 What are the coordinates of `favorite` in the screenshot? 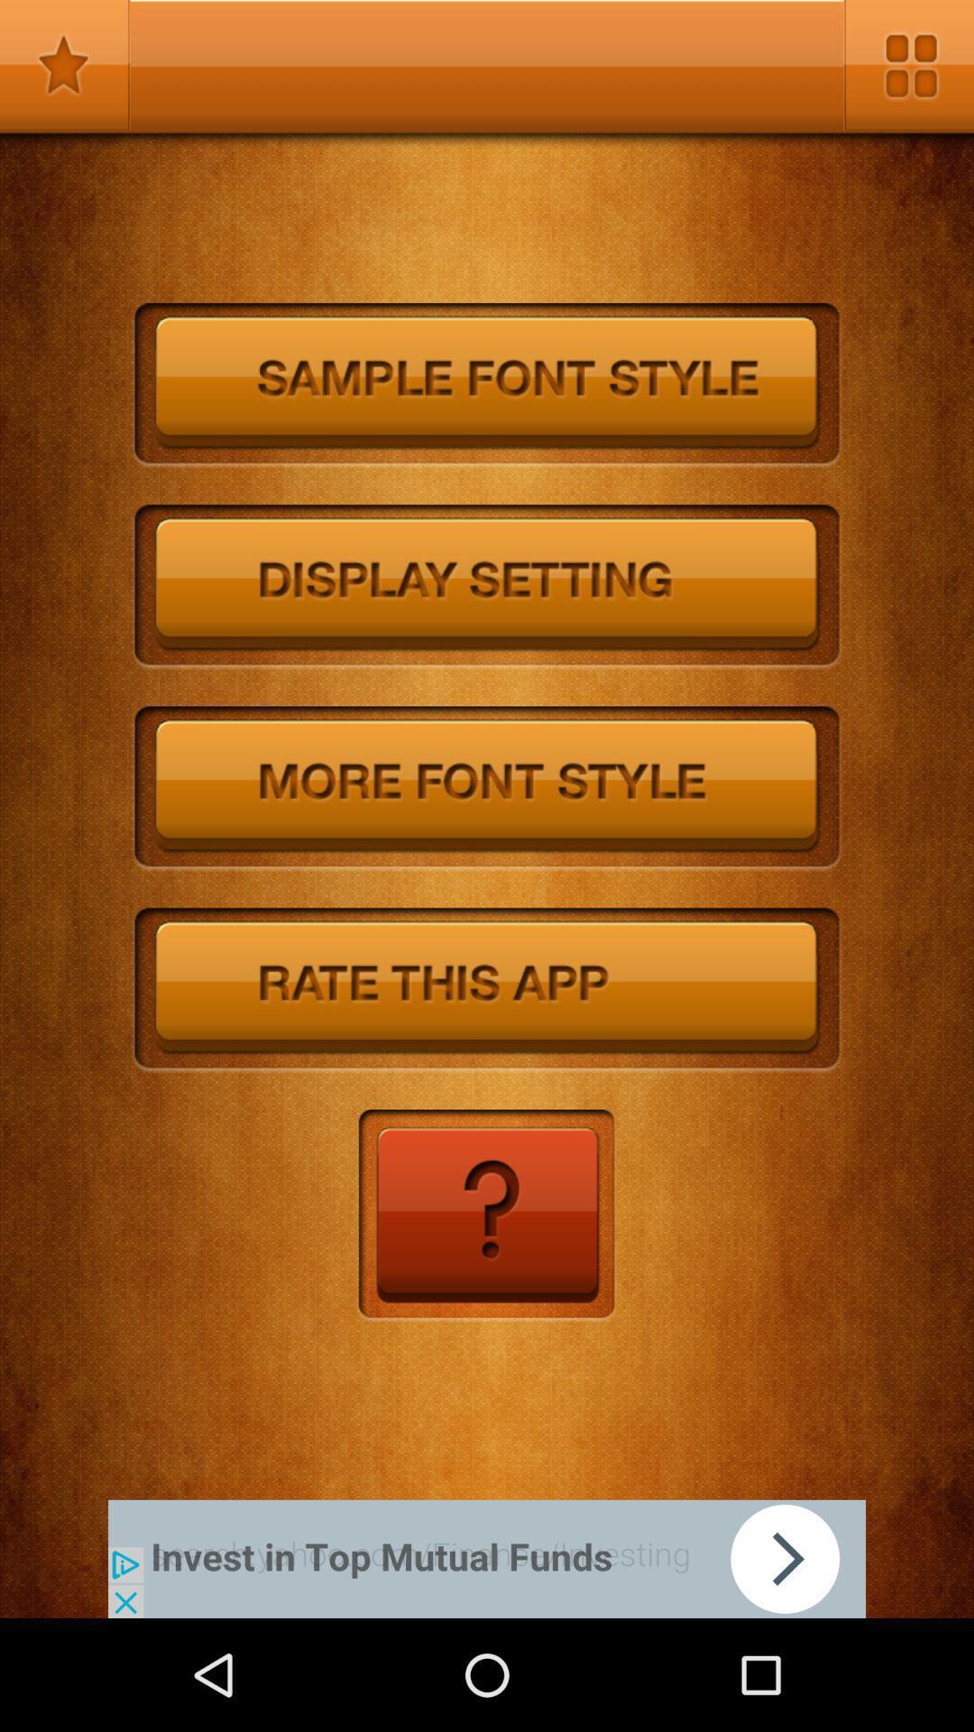 It's located at (64, 65).